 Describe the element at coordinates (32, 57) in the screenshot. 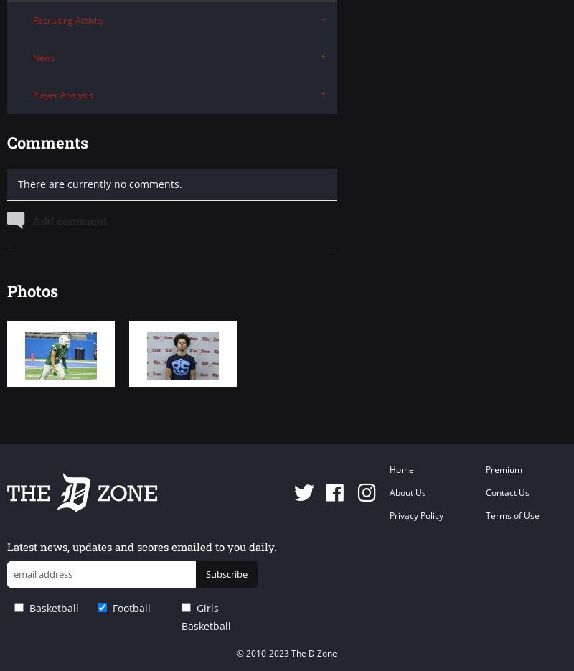

I see `'News'` at that location.